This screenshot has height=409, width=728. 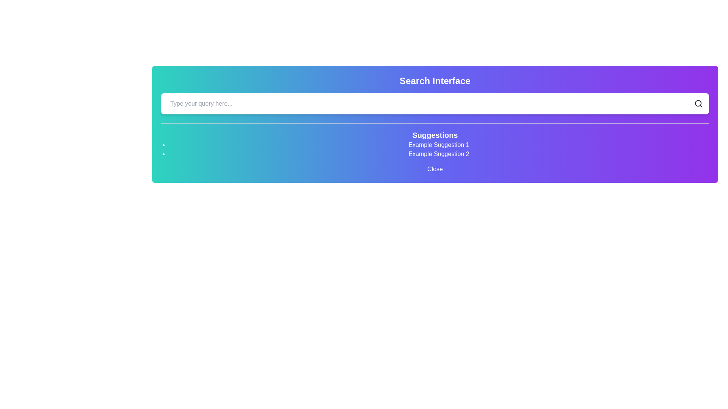 What do you see at coordinates (435, 149) in the screenshot?
I see `one of the clickable text options in the bullet-point list located directly below the 'Suggestions' heading` at bounding box center [435, 149].